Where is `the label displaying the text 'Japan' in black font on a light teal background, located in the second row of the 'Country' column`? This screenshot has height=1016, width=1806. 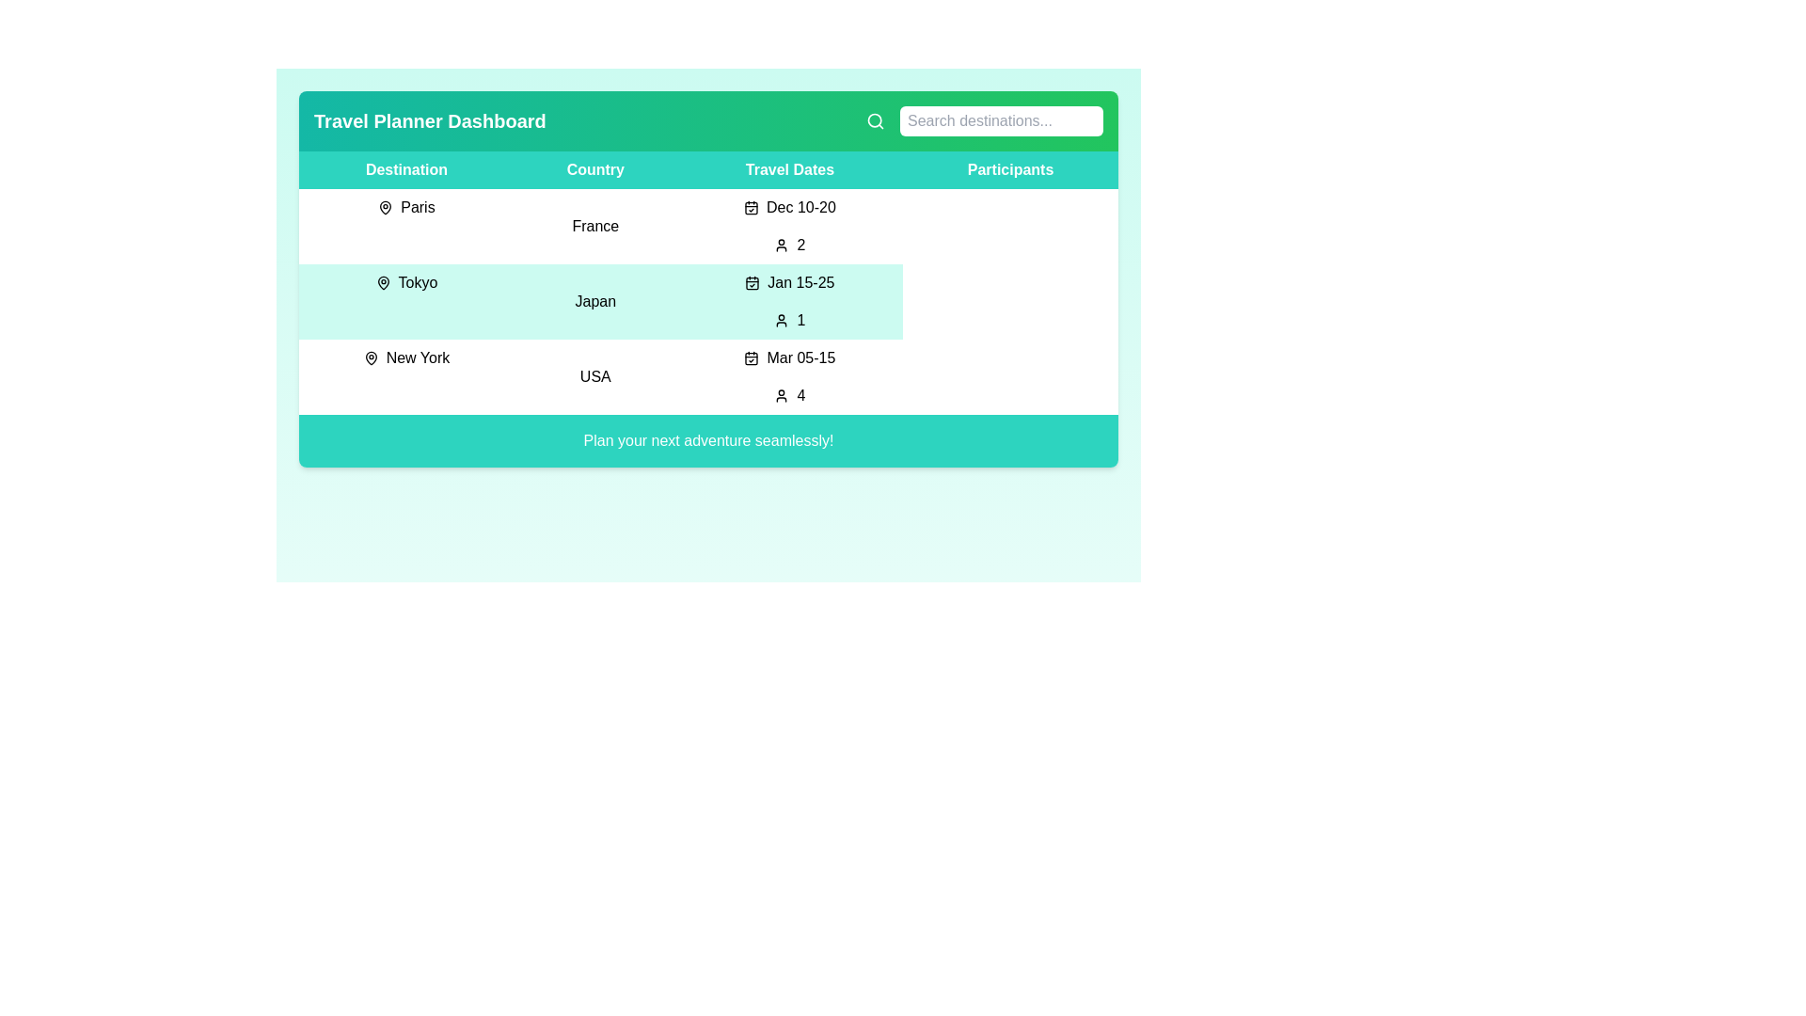 the label displaying the text 'Japan' in black font on a light teal background, located in the second row of the 'Country' column is located at coordinates (594, 300).